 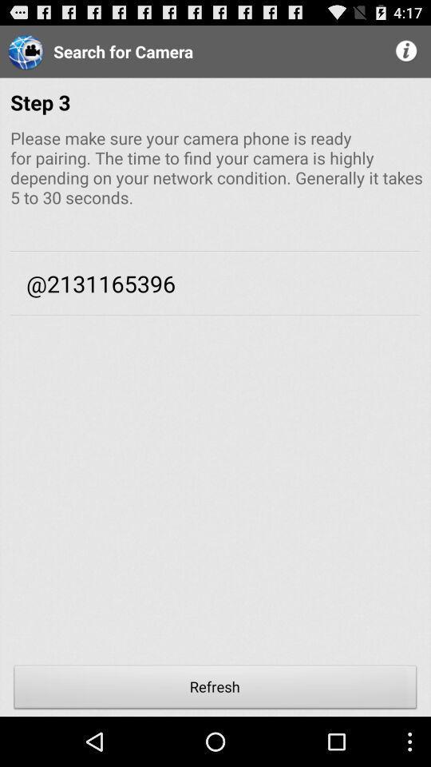 What do you see at coordinates (407, 51) in the screenshot?
I see `options` at bounding box center [407, 51].